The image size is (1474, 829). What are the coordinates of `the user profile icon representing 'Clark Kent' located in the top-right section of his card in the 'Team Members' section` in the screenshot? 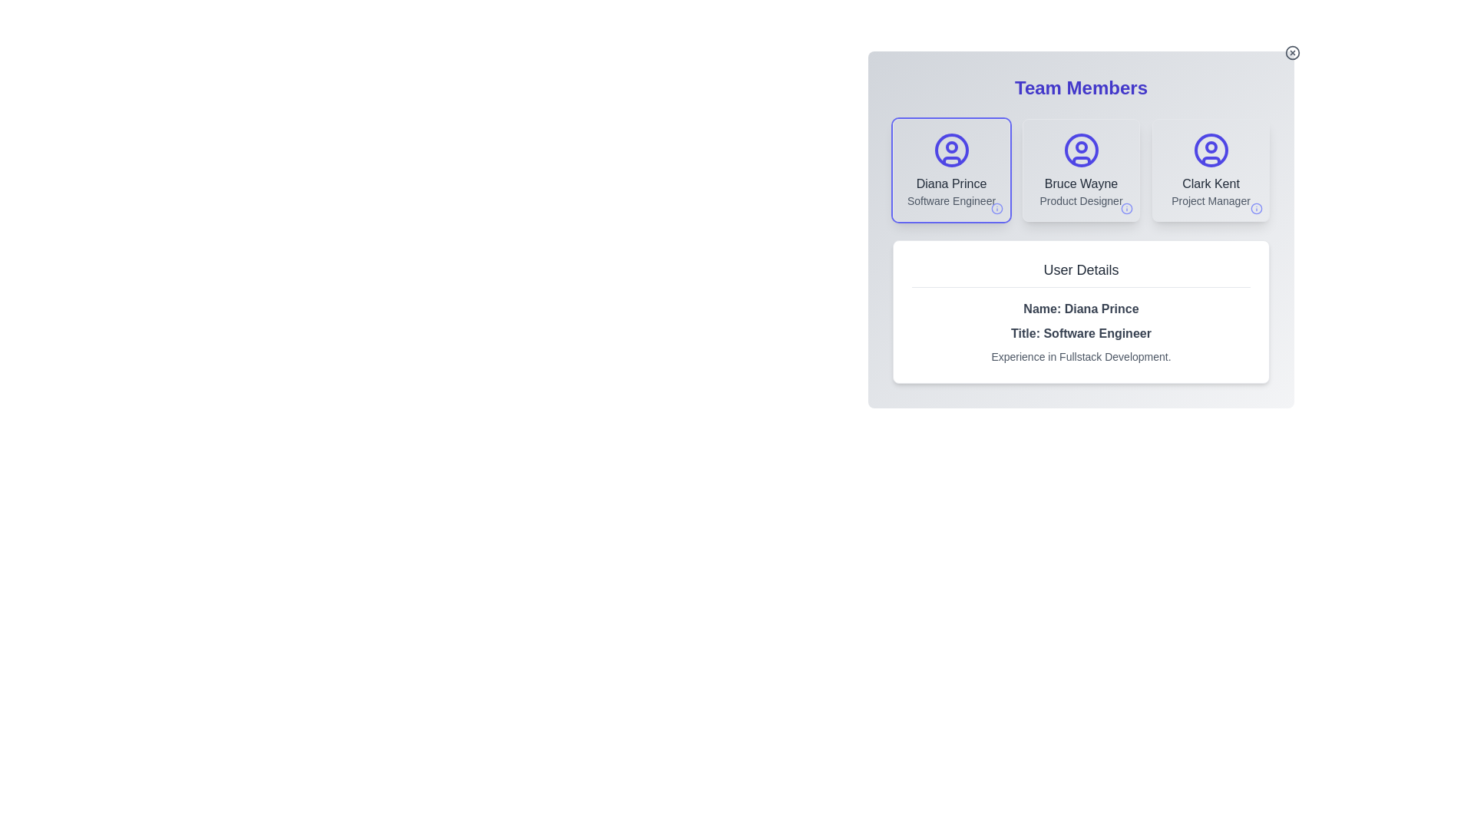 It's located at (1210, 150).